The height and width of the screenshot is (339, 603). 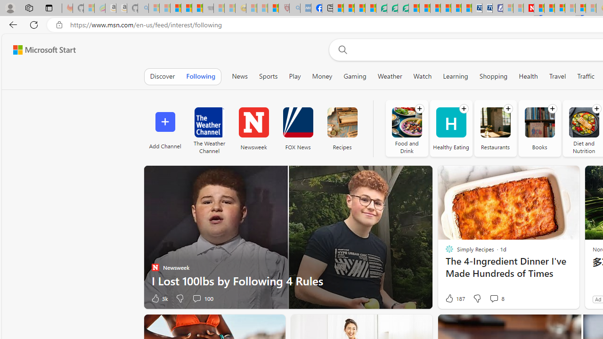 I want to click on 'Recipes', so click(x=342, y=128).